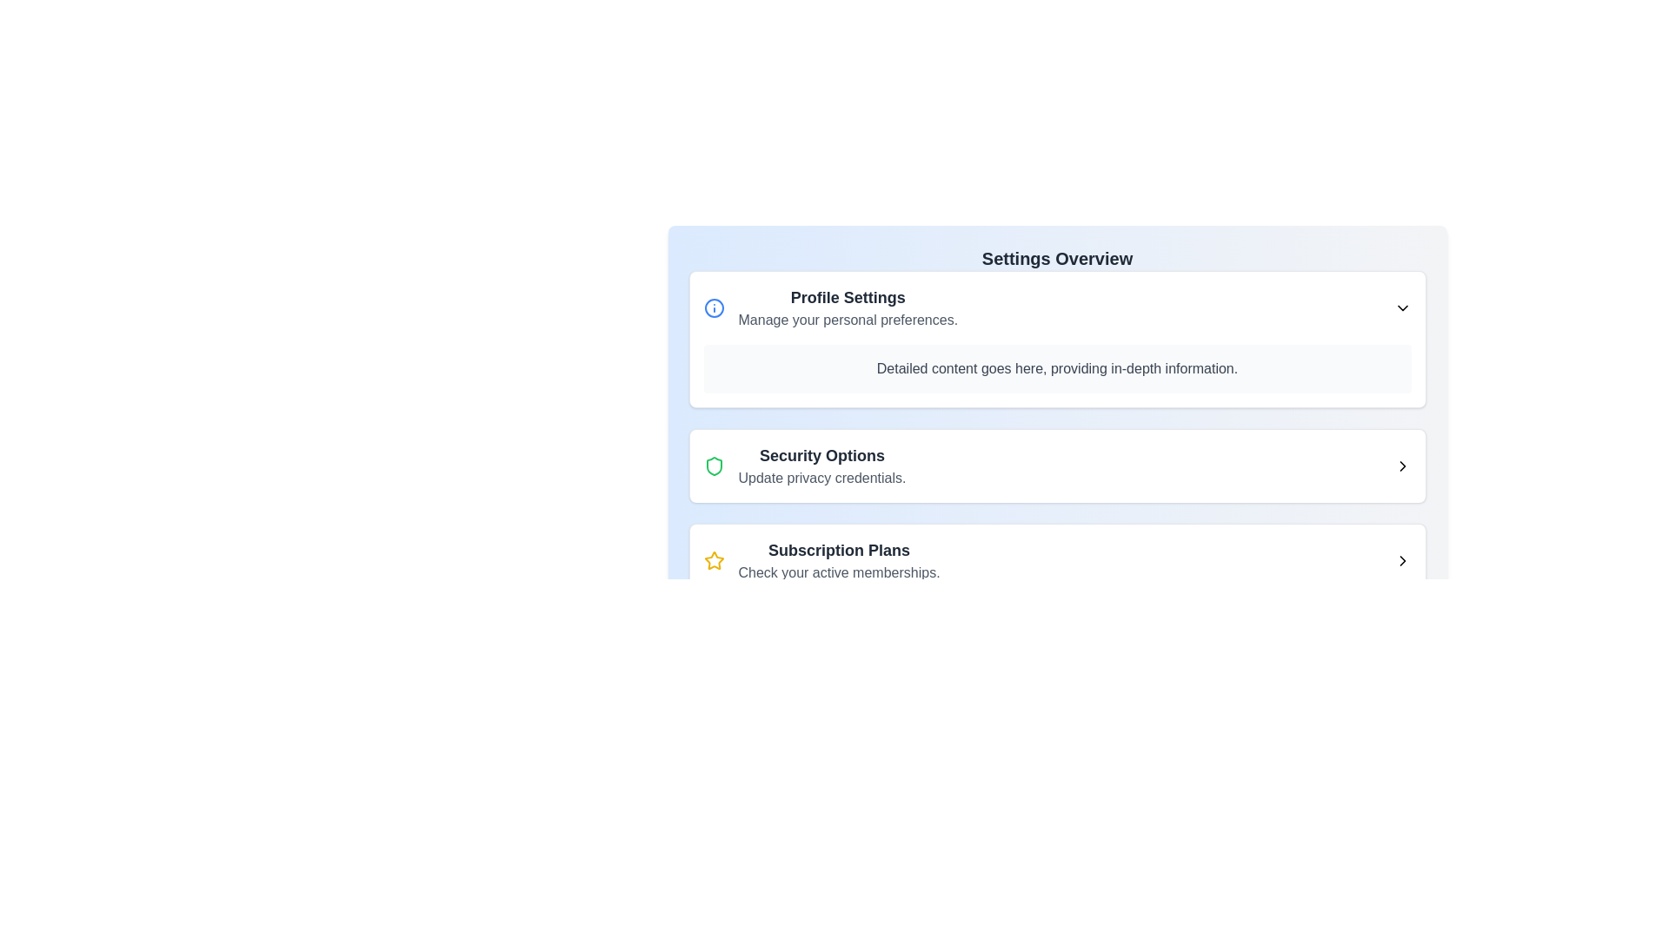 The width and height of the screenshot is (1669, 938). Describe the element at coordinates (1402, 465) in the screenshot. I see `the icon-based navigation button located at the far-right side of the layout row associated with 'Security Options'` at that location.